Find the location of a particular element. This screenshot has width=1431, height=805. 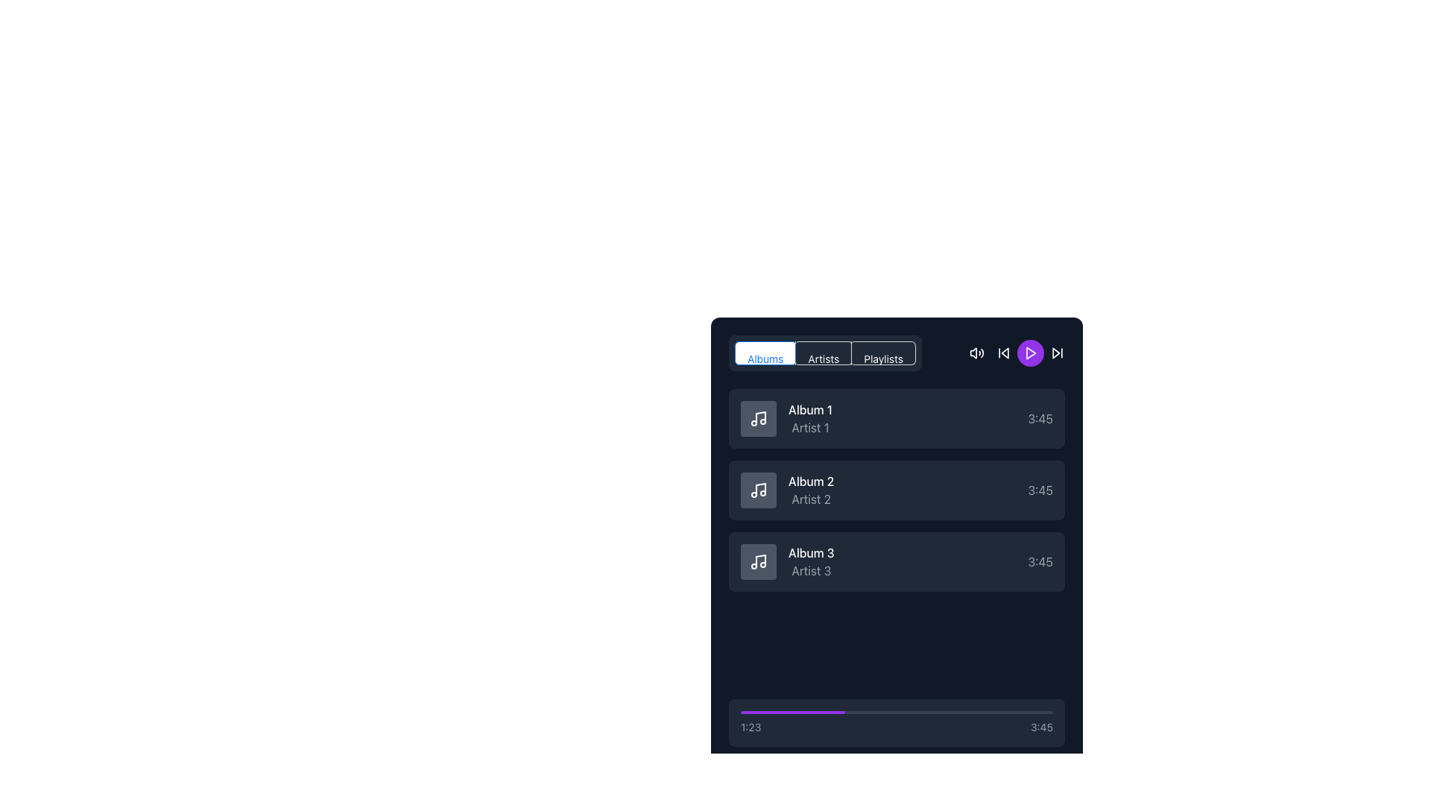

playback position is located at coordinates (1051, 712).